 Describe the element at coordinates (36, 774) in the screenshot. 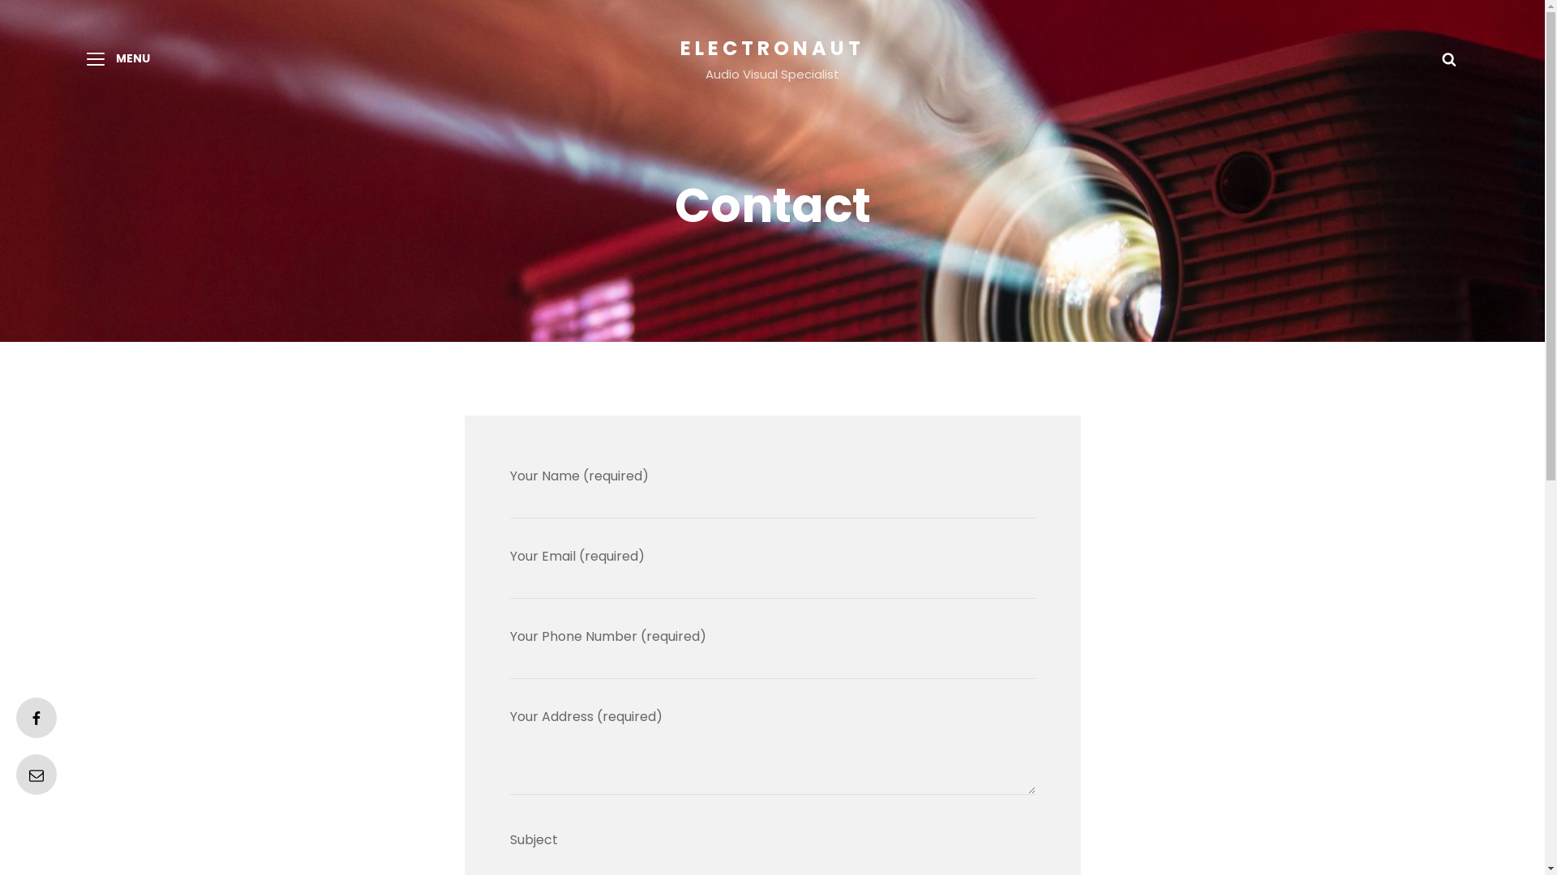

I see `'Email'` at that location.